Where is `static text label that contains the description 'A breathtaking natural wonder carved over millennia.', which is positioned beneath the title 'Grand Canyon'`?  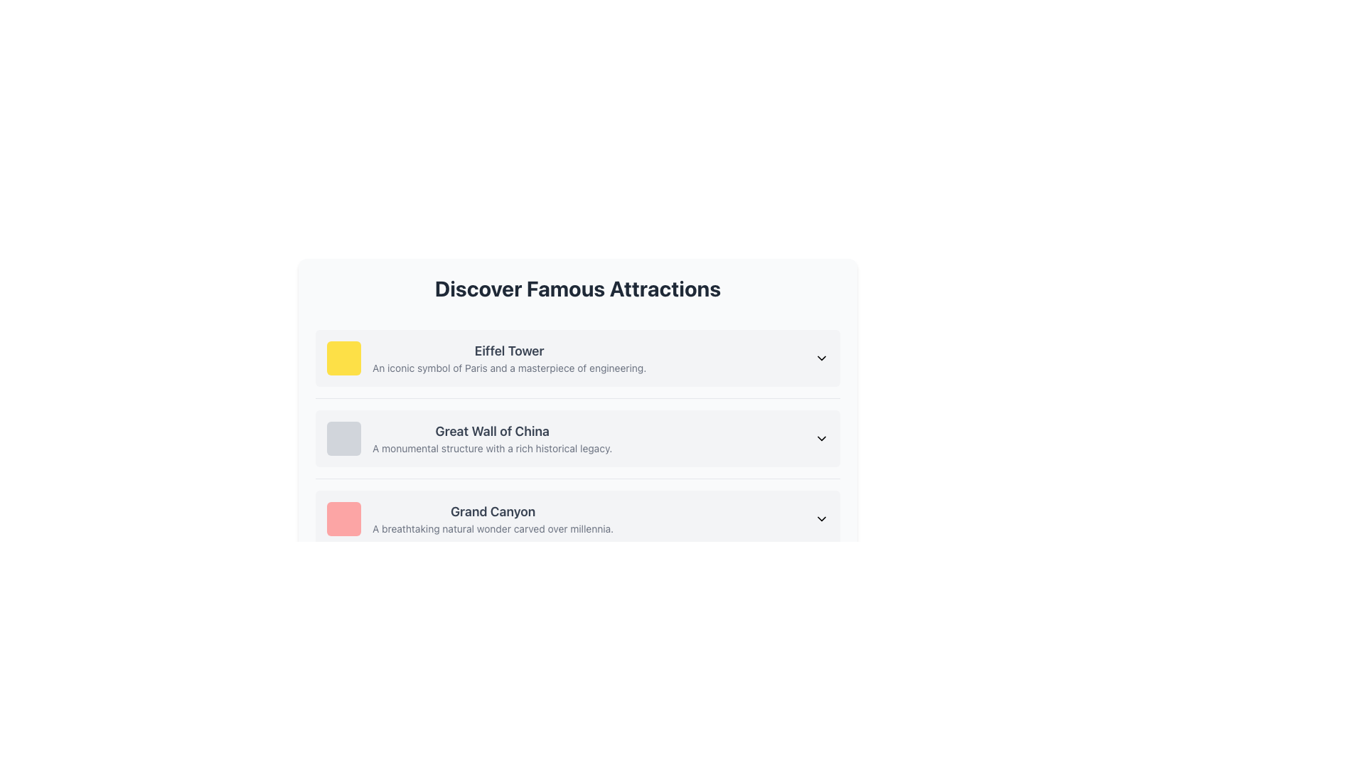
static text label that contains the description 'A breathtaking natural wonder carved over millennia.', which is positioned beneath the title 'Grand Canyon' is located at coordinates (493, 529).